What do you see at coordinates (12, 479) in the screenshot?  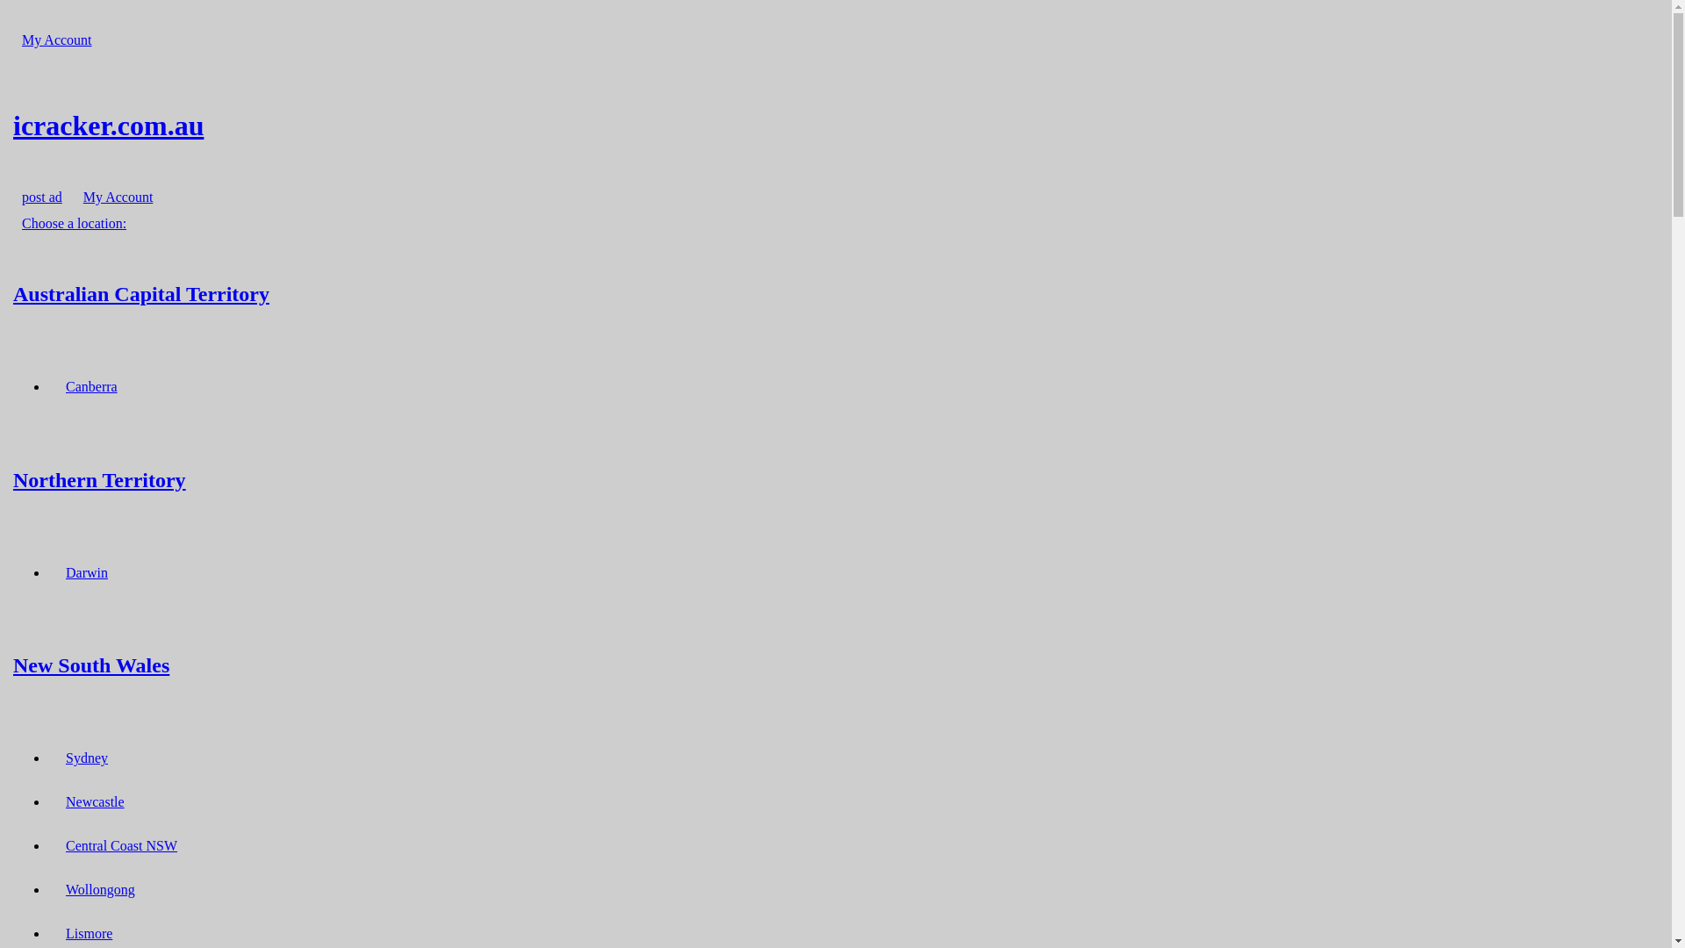 I see `'Northern Territory'` at bounding box center [12, 479].